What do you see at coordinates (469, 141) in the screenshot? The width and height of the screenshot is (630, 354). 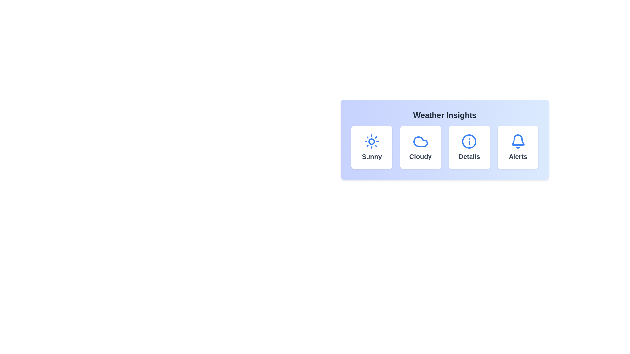 I see `the circular outline of the 'Details' button, which is the third button from the left in the Weather Insights panel` at bounding box center [469, 141].